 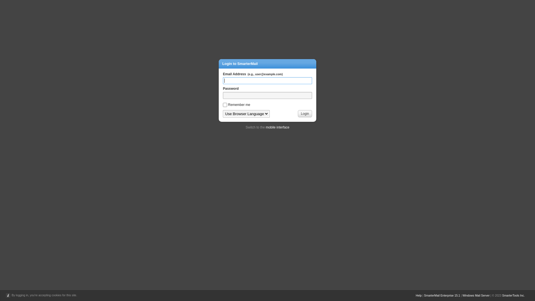 What do you see at coordinates (476, 295) in the screenshot?
I see `'Windows Mail Server'` at bounding box center [476, 295].